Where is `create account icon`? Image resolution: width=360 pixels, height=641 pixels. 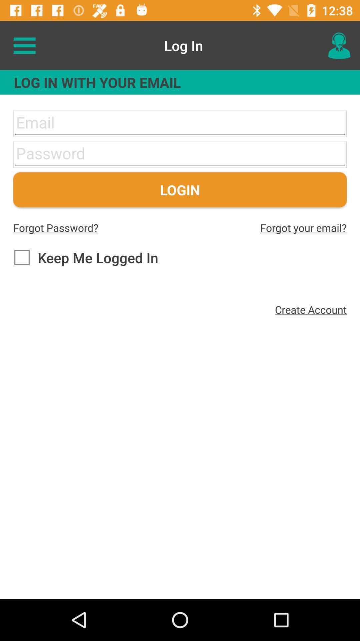
create account icon is located at coordinates (311, 309).